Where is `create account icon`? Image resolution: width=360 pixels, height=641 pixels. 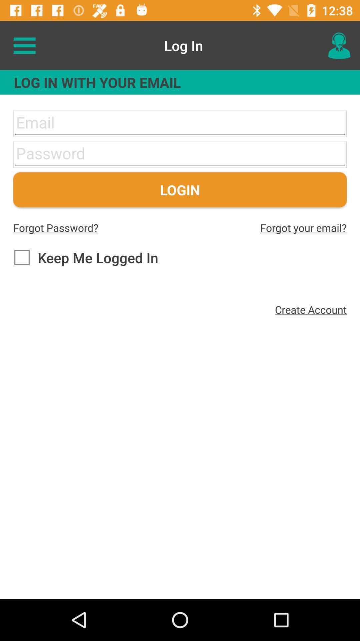
create account icon is located at coordinates (311, 309).